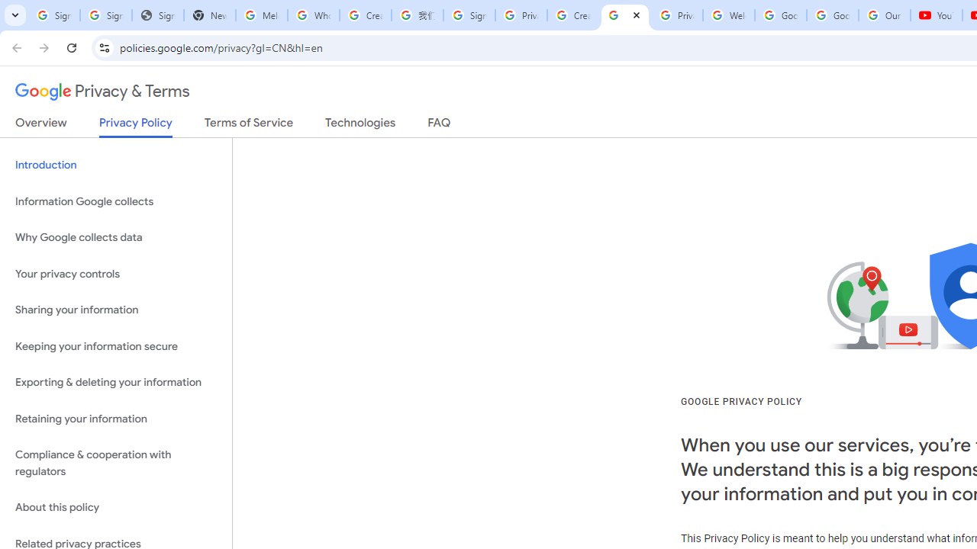 Image resolution: width=977 pixels, height=549 pixels. I want to click on 'New Tab', so click(208, 15).